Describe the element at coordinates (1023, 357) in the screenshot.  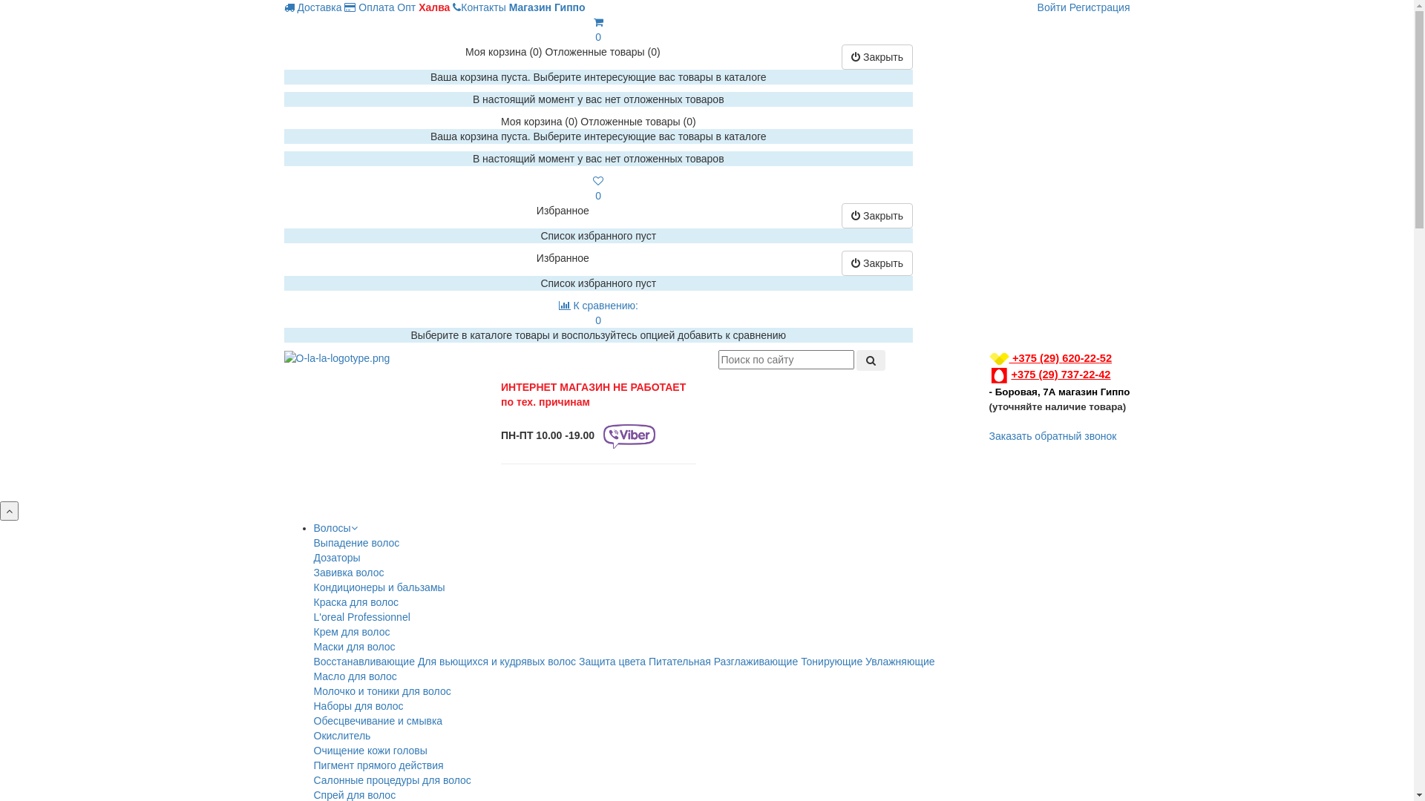
I see `'+375 (29)'` at that location.